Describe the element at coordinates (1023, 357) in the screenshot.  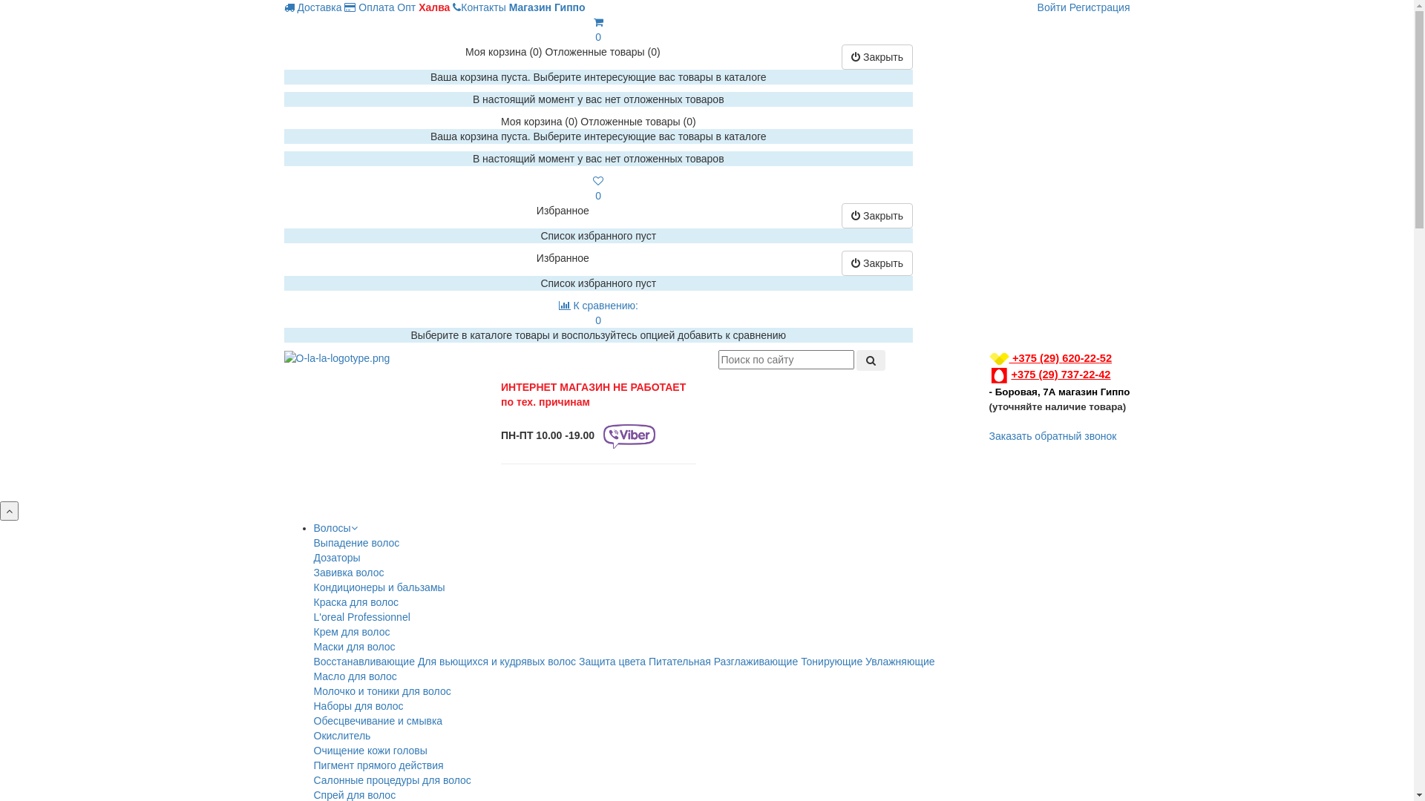
I see `'+375 (29)'` at that location.